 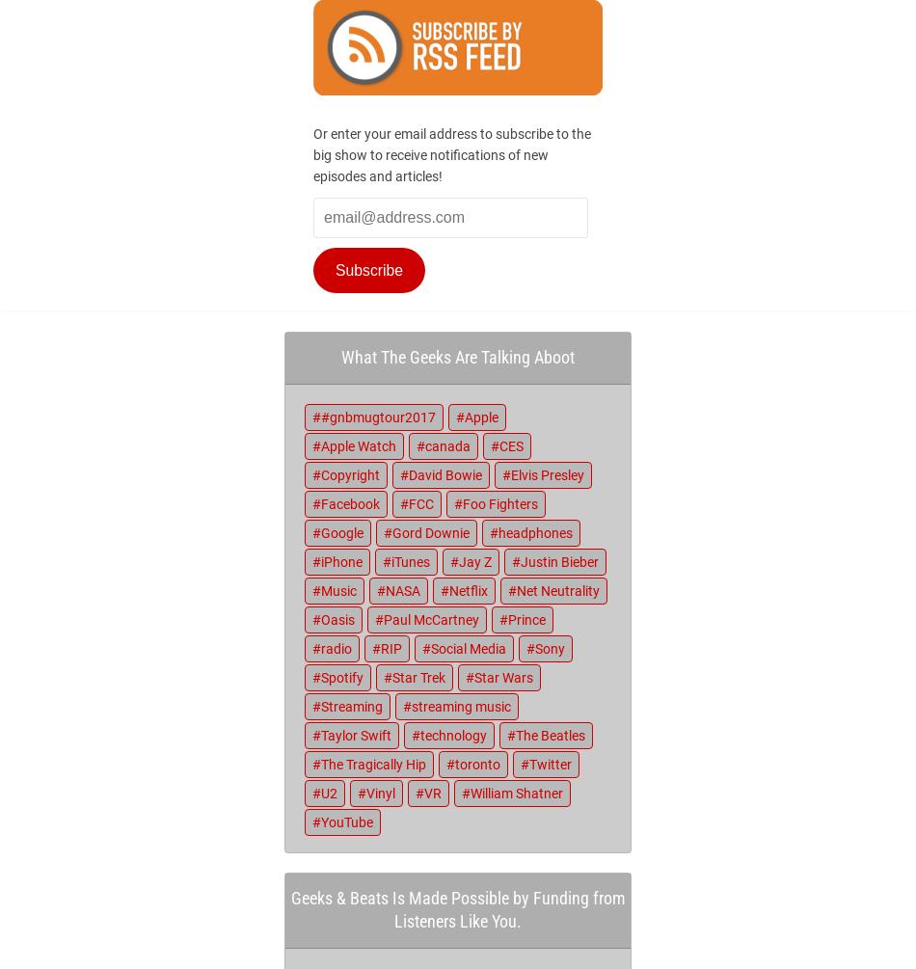 What do you see at coordinates (319, 446) in the screenshot?
I see `'Apple Watch'` at bounding box center [319, 446].